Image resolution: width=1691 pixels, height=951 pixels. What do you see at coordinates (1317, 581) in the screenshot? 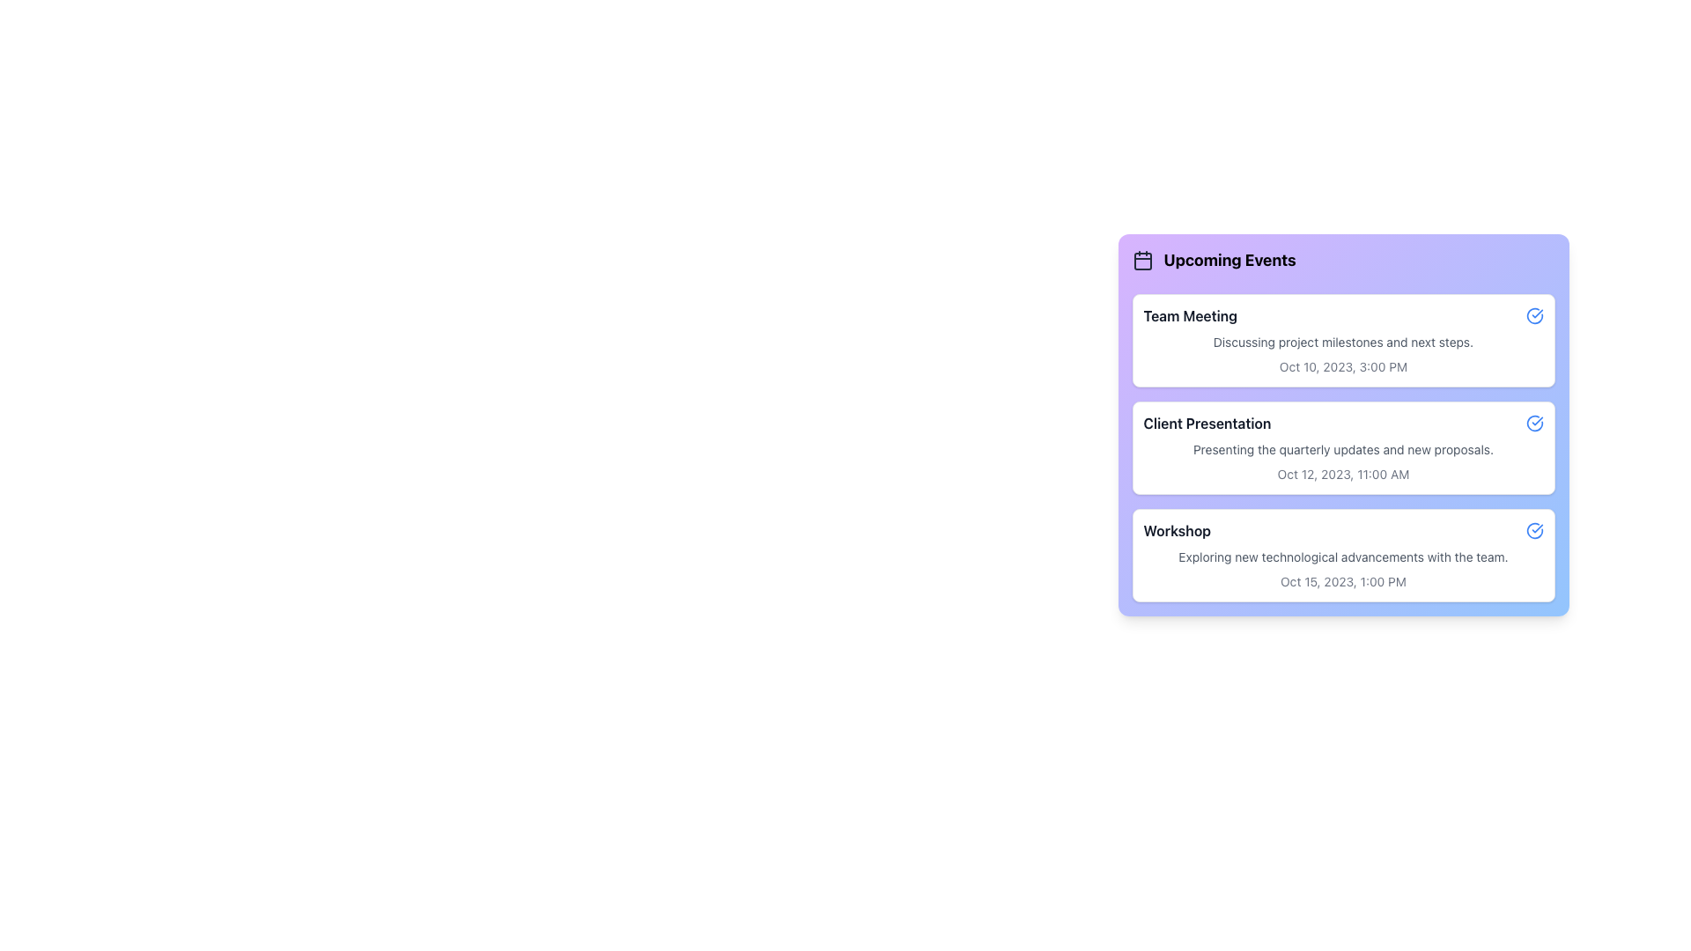
I see `the text label displaying 'Oct 15, 2023', which is part of the date and time string located in the third item of a vertical list of upcoming events, specifically positioned left of the time '1:00 PM' within the 'Workshop' event card` at bounding box center [1317, 581].